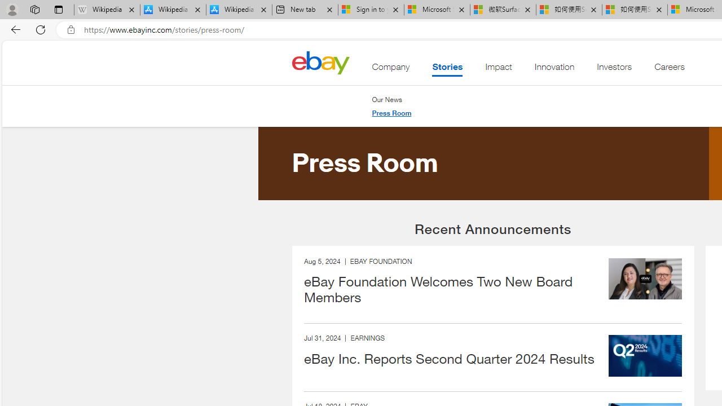 Image resolution: width=722 pixels, height=406 pixels. I want to click on 'Our News', so click(387, 99).